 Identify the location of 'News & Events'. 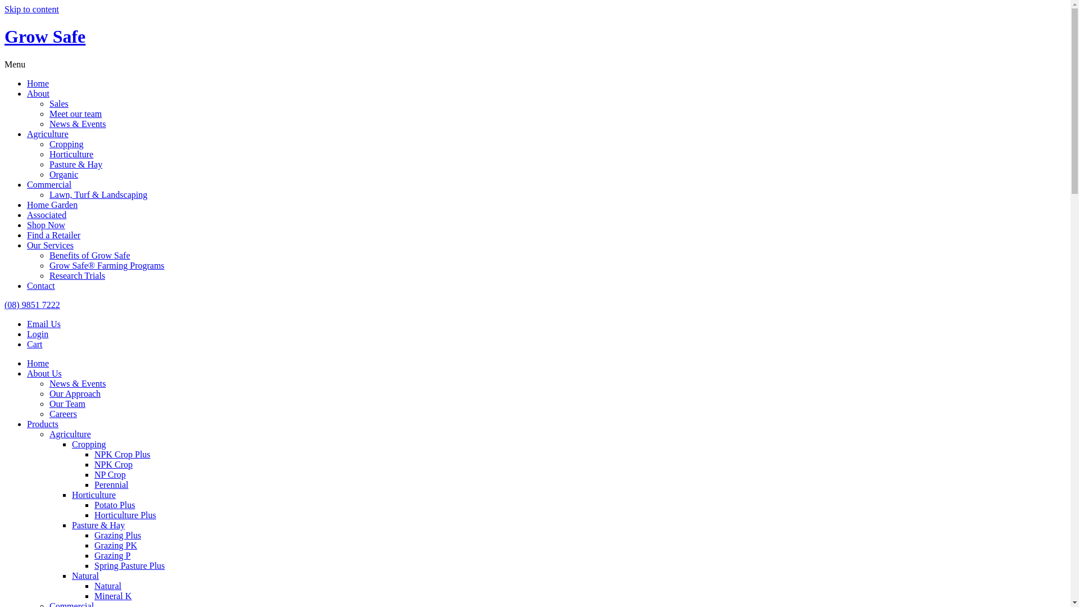
(77, 383).